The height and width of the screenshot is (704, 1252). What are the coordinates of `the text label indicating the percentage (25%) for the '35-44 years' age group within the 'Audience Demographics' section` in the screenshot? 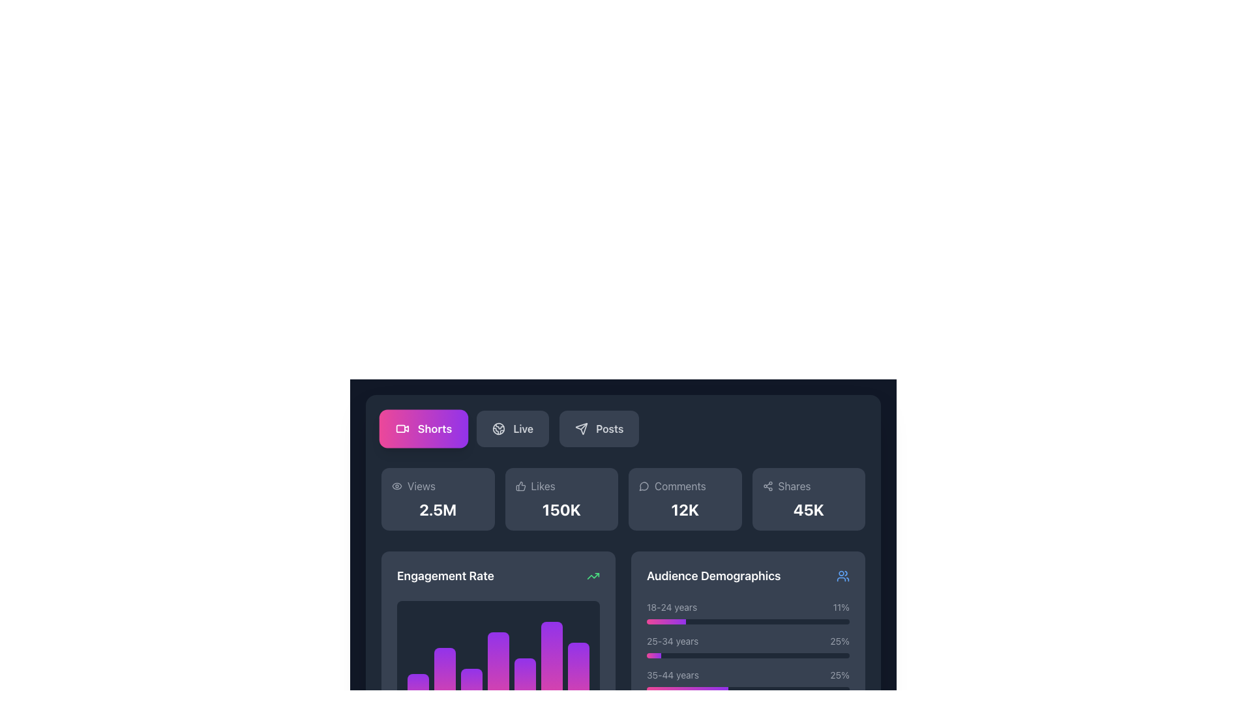 It's located at (840, 675).